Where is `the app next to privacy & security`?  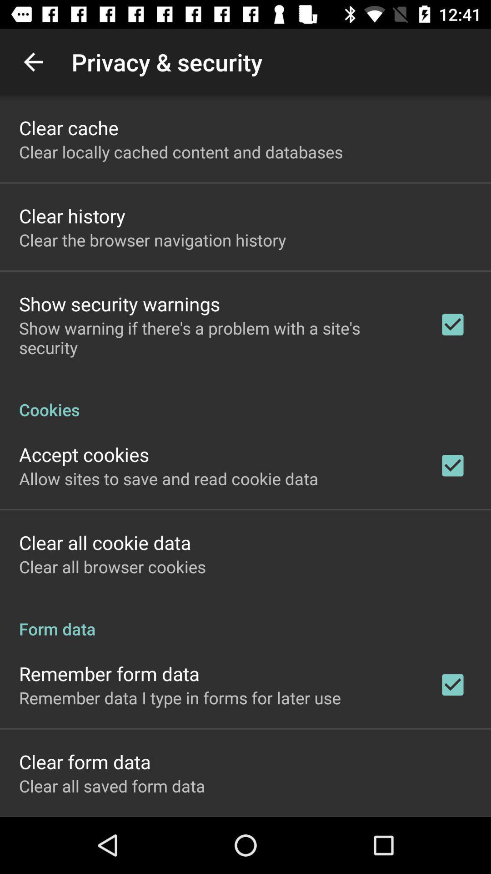 the app next to privacy & security is located at coordinates (33, 61).